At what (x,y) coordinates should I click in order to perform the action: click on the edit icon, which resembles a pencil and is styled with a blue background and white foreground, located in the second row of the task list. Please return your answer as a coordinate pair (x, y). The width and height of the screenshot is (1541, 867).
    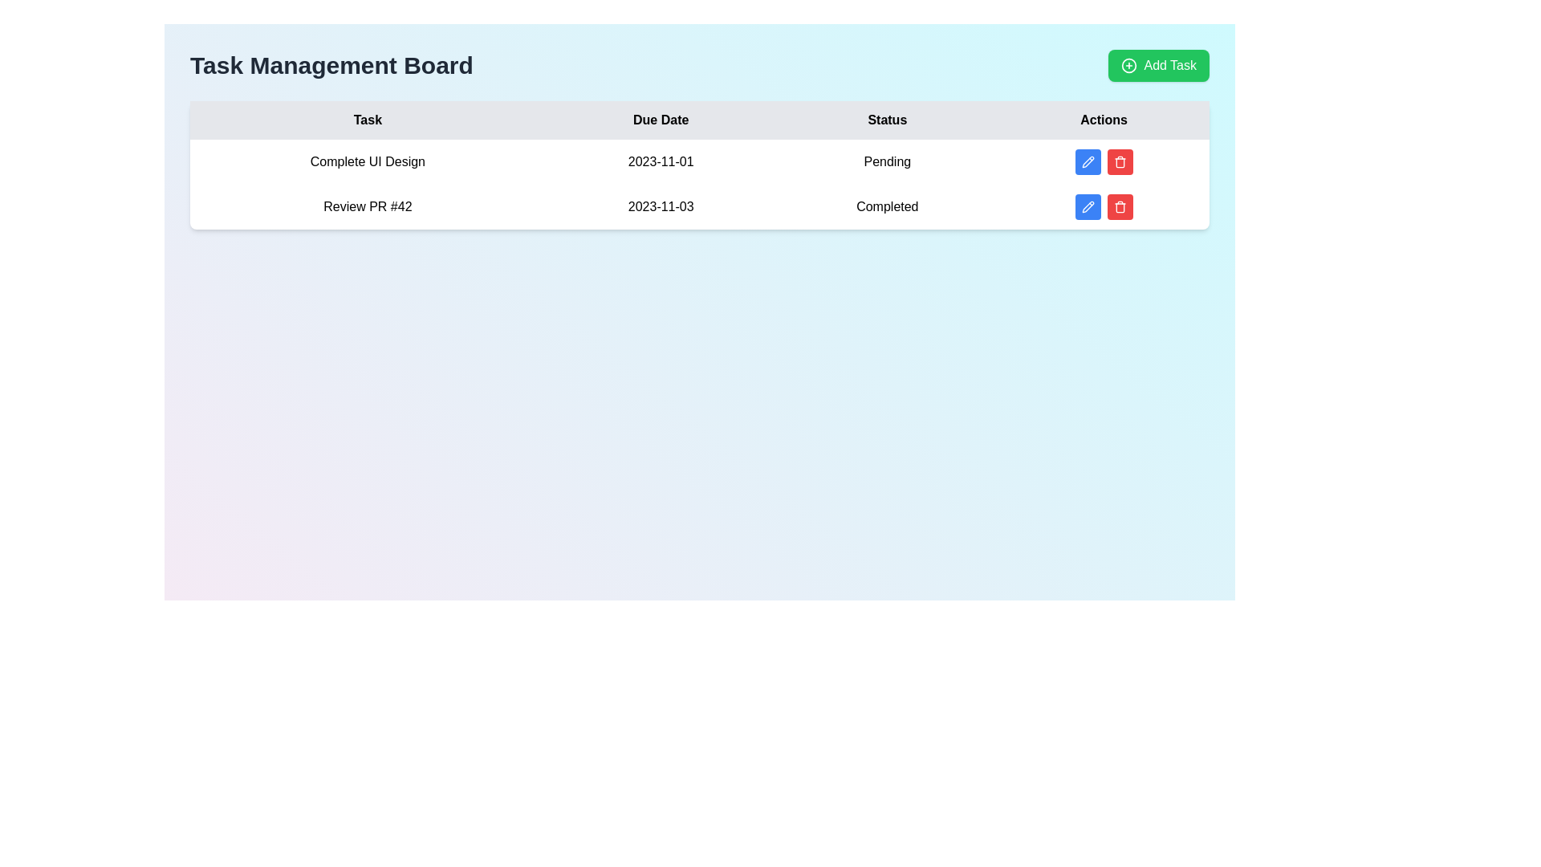
    Looking at the image, I should click on (1088, 161).